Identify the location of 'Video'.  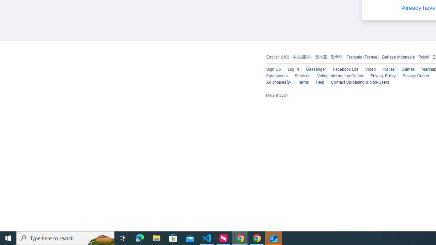
(370, 69).